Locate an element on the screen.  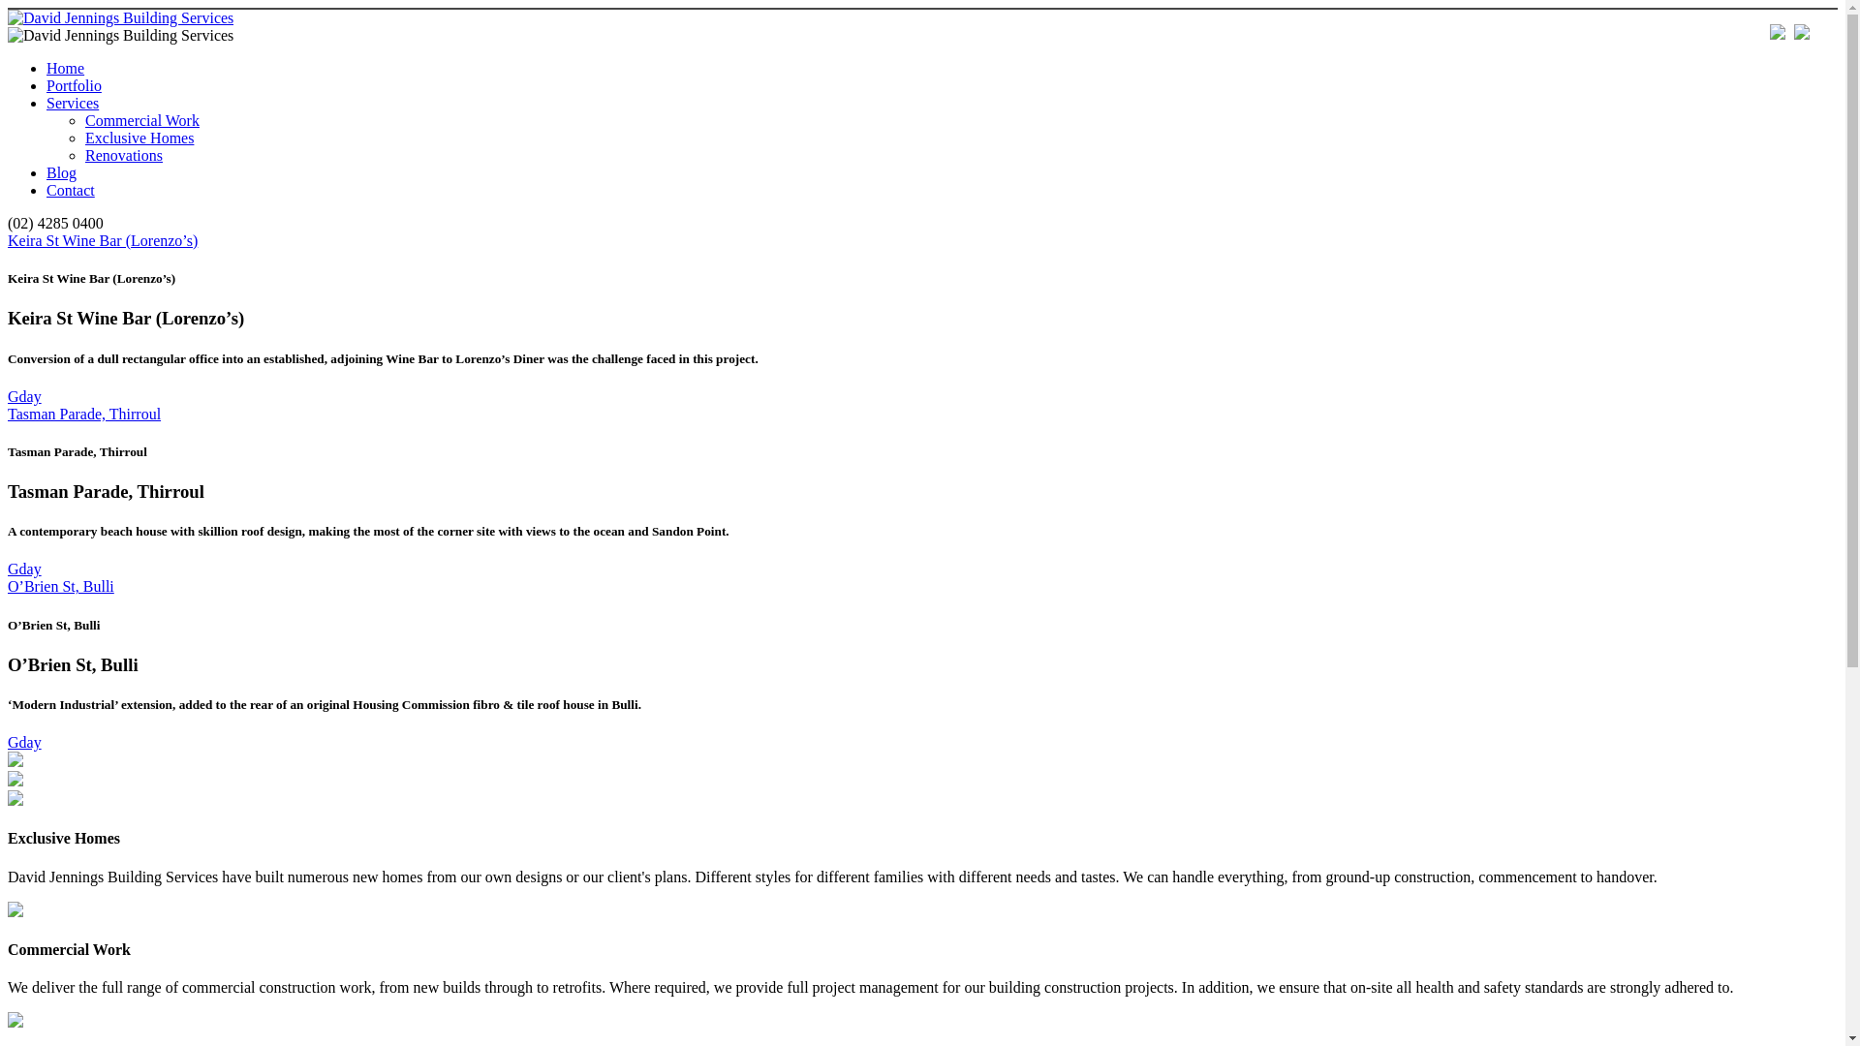
'Gday' is located at coordinates (24, 395).